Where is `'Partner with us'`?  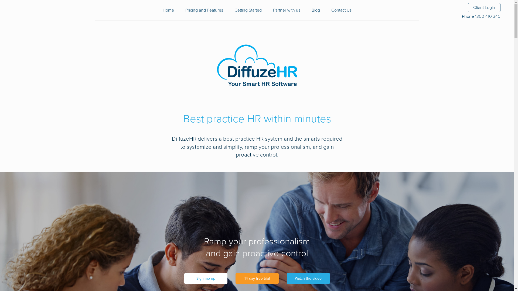
'Partner with us' is located at coordinates (286, 10).